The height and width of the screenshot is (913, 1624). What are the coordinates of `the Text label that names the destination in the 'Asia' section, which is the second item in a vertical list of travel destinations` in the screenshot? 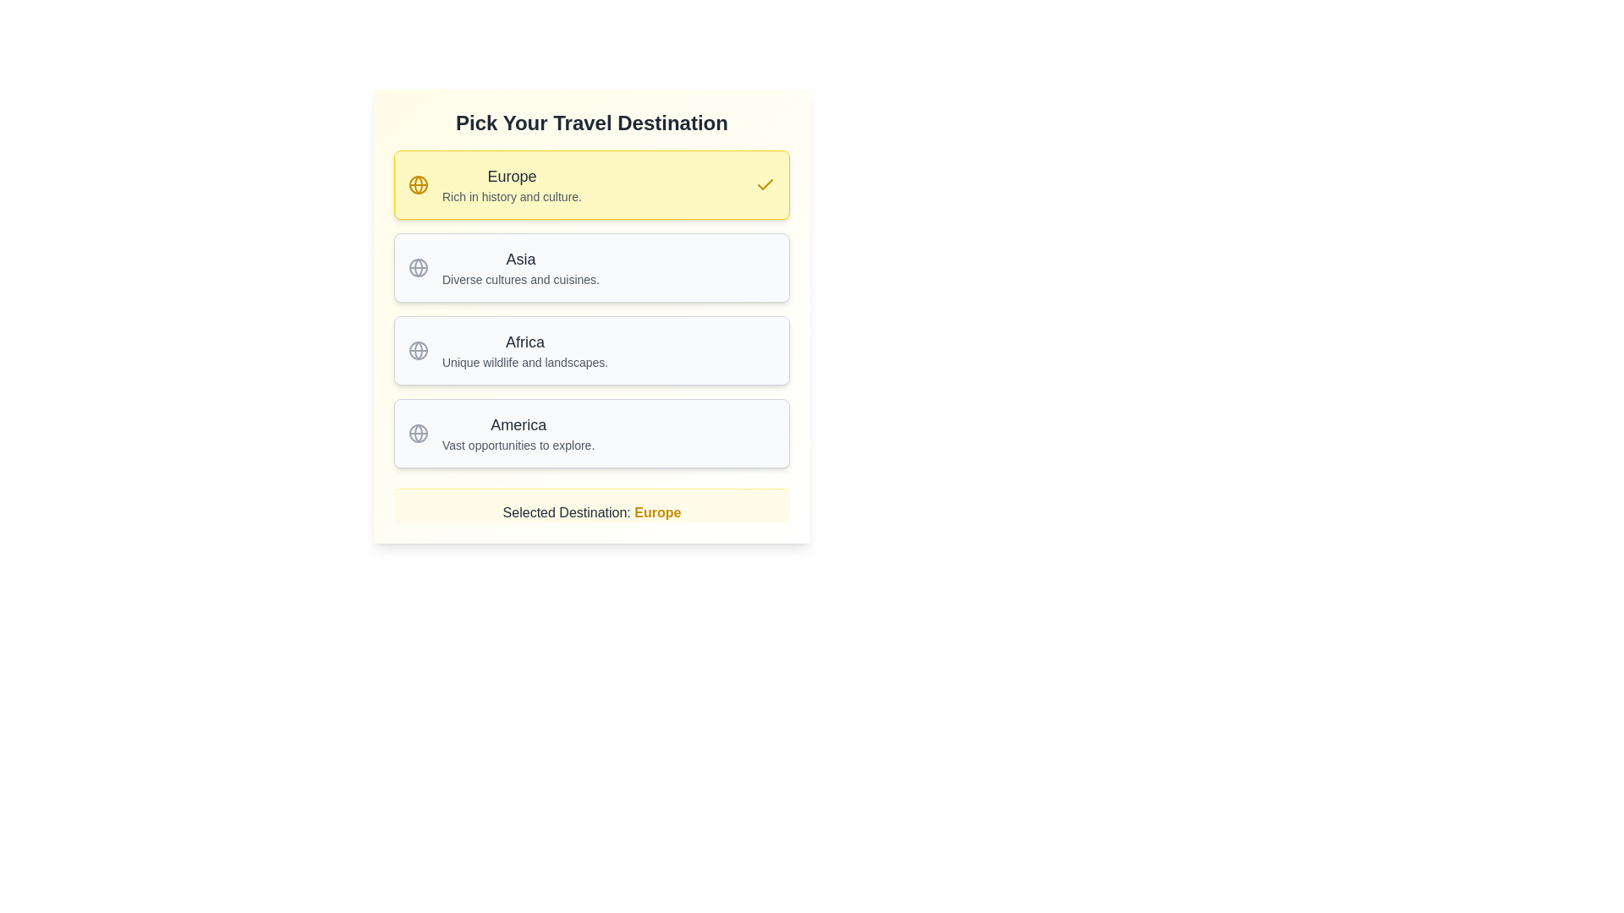 It's located at (519, 260).